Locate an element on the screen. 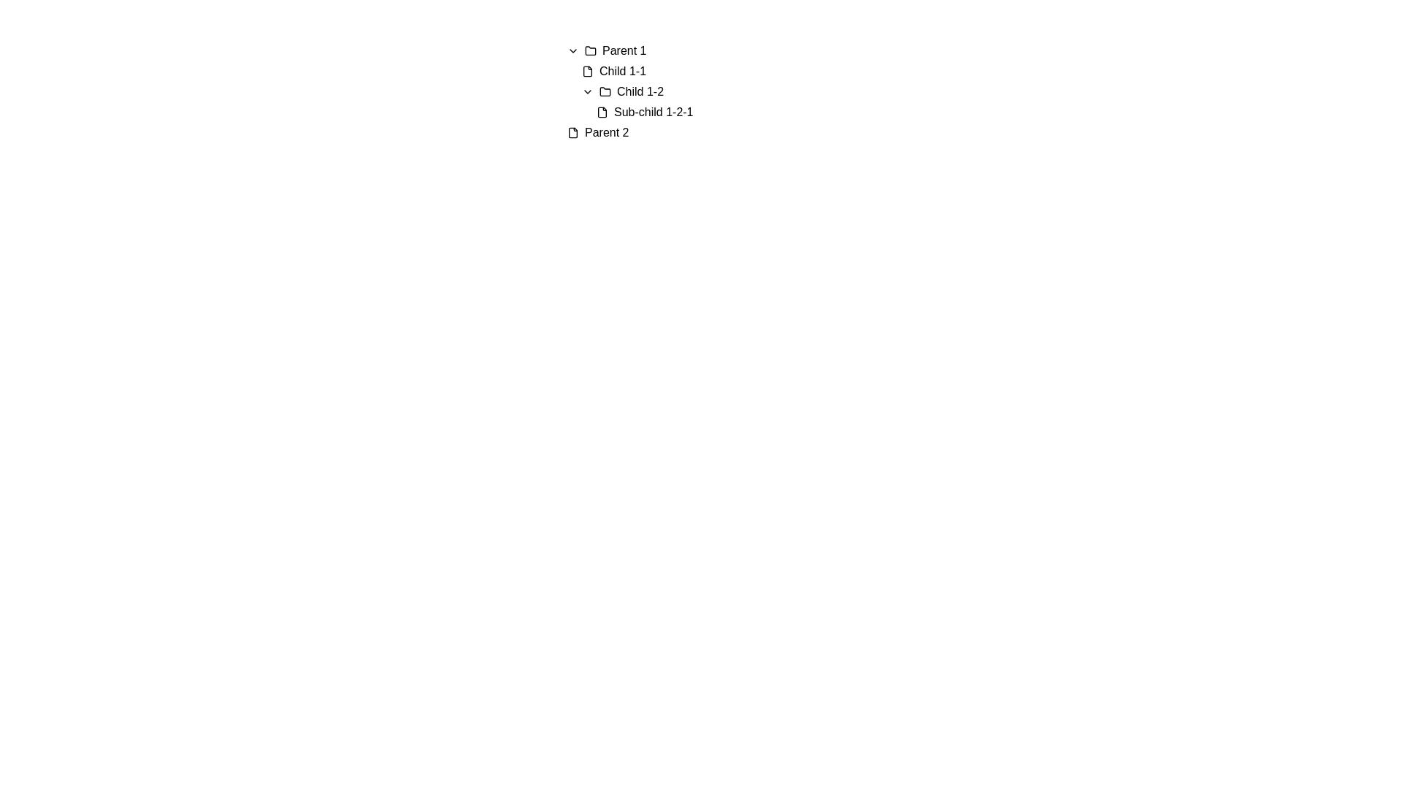  the first icon-based button that toggles the visibility of the associated content or nested section using keyboard navigation is located at coordinates (588, 92).